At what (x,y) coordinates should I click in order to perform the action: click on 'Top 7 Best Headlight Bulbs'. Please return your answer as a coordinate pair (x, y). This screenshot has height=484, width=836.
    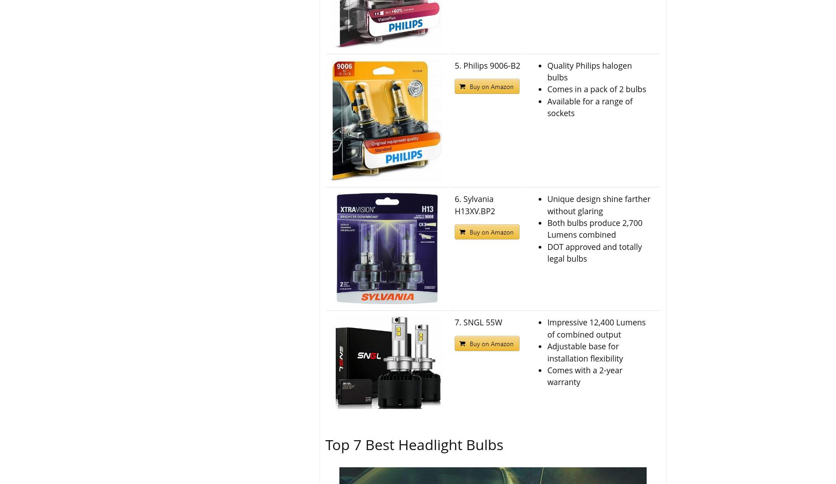
    Looking at the image, I should click on (414, 443).